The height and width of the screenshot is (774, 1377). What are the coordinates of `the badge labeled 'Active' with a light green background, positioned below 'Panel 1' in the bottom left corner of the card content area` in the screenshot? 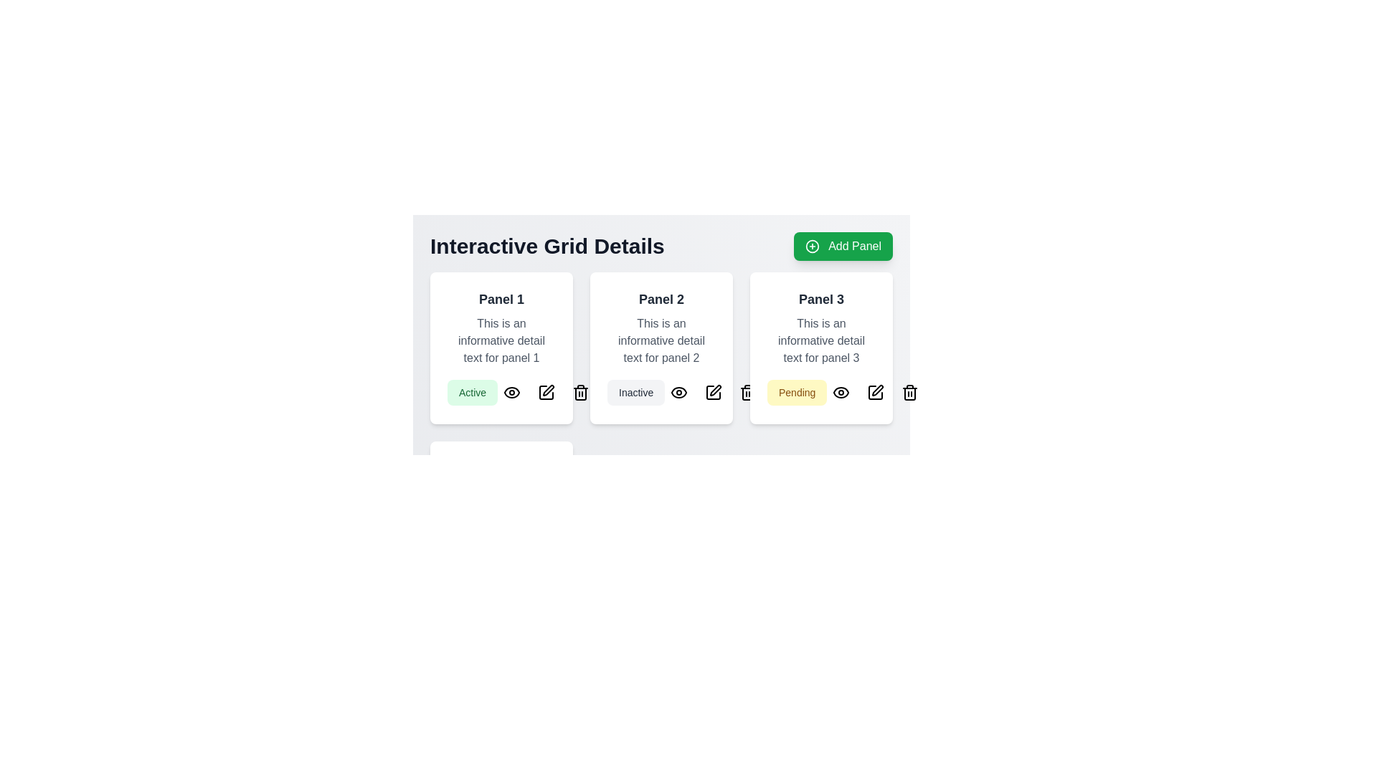 It's located at (473, 392).